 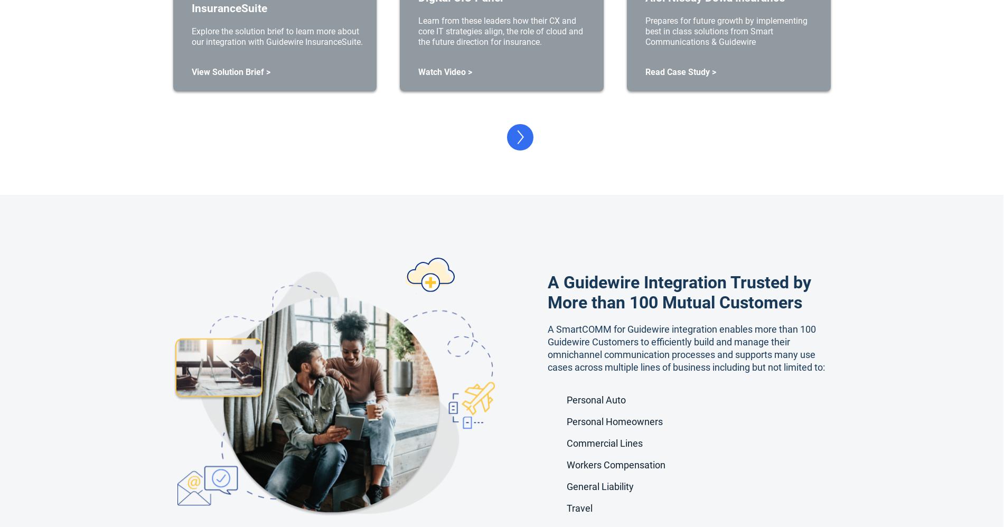 I want to click on 'Prepares for future growth by implementing best in class solutions from Smart Communications & Guidewire', so click(x=726, y=30).